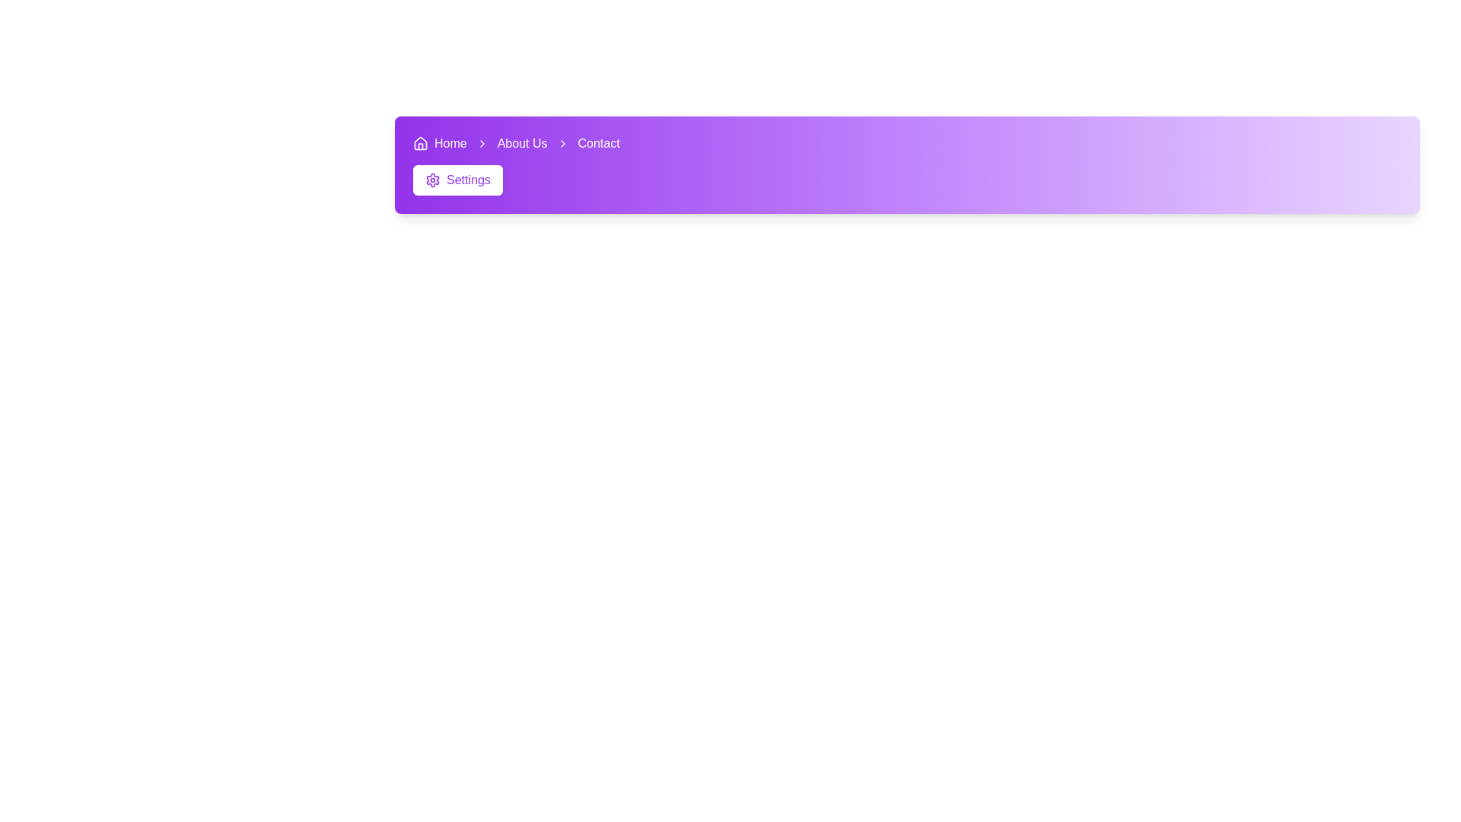  I want to click on the 'Home' navigation link, which is the first item, so click(438, 144).